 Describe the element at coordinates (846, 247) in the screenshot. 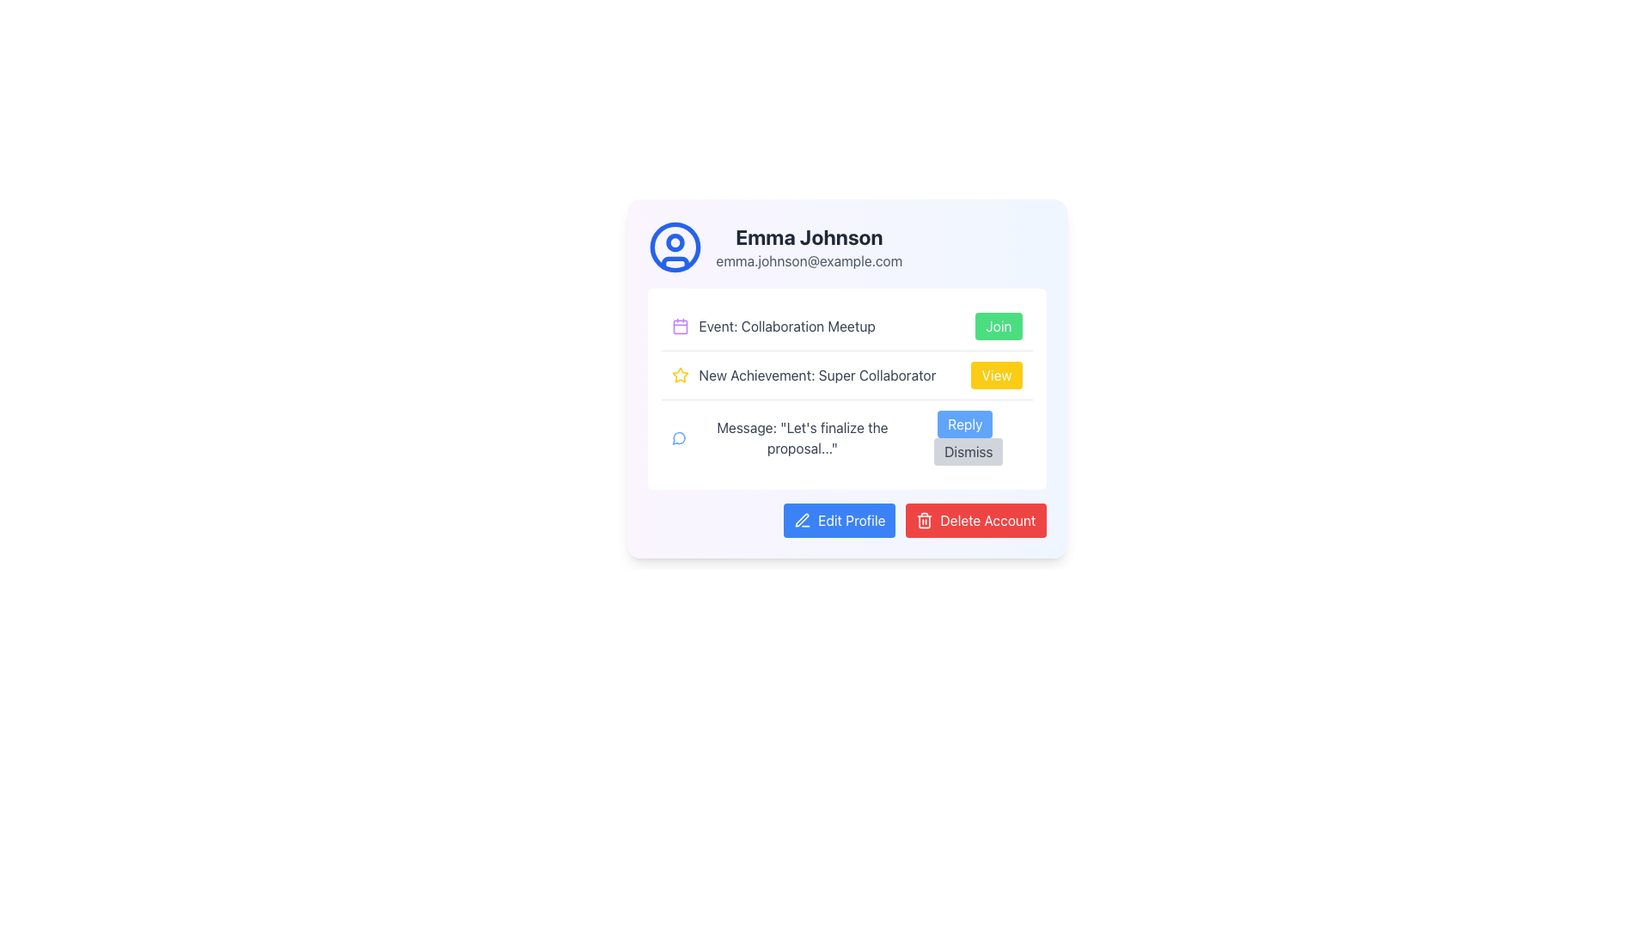

I see `the Profile Header which displays the user's name and email address` at that location.